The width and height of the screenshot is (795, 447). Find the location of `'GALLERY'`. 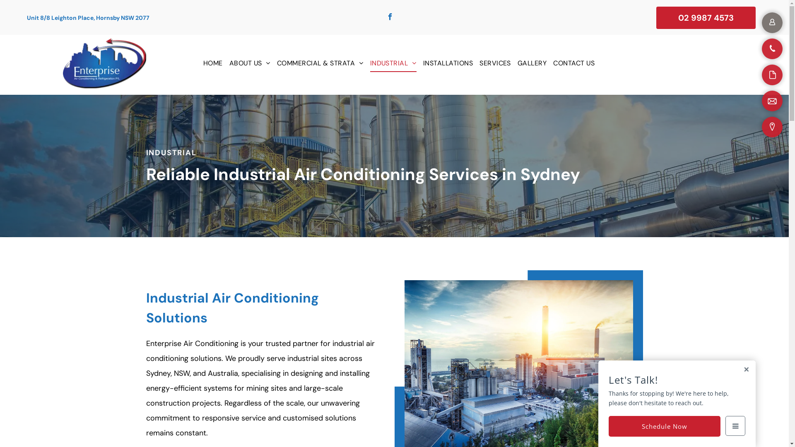

'GALLERY' is located at coordinates (532, 63).